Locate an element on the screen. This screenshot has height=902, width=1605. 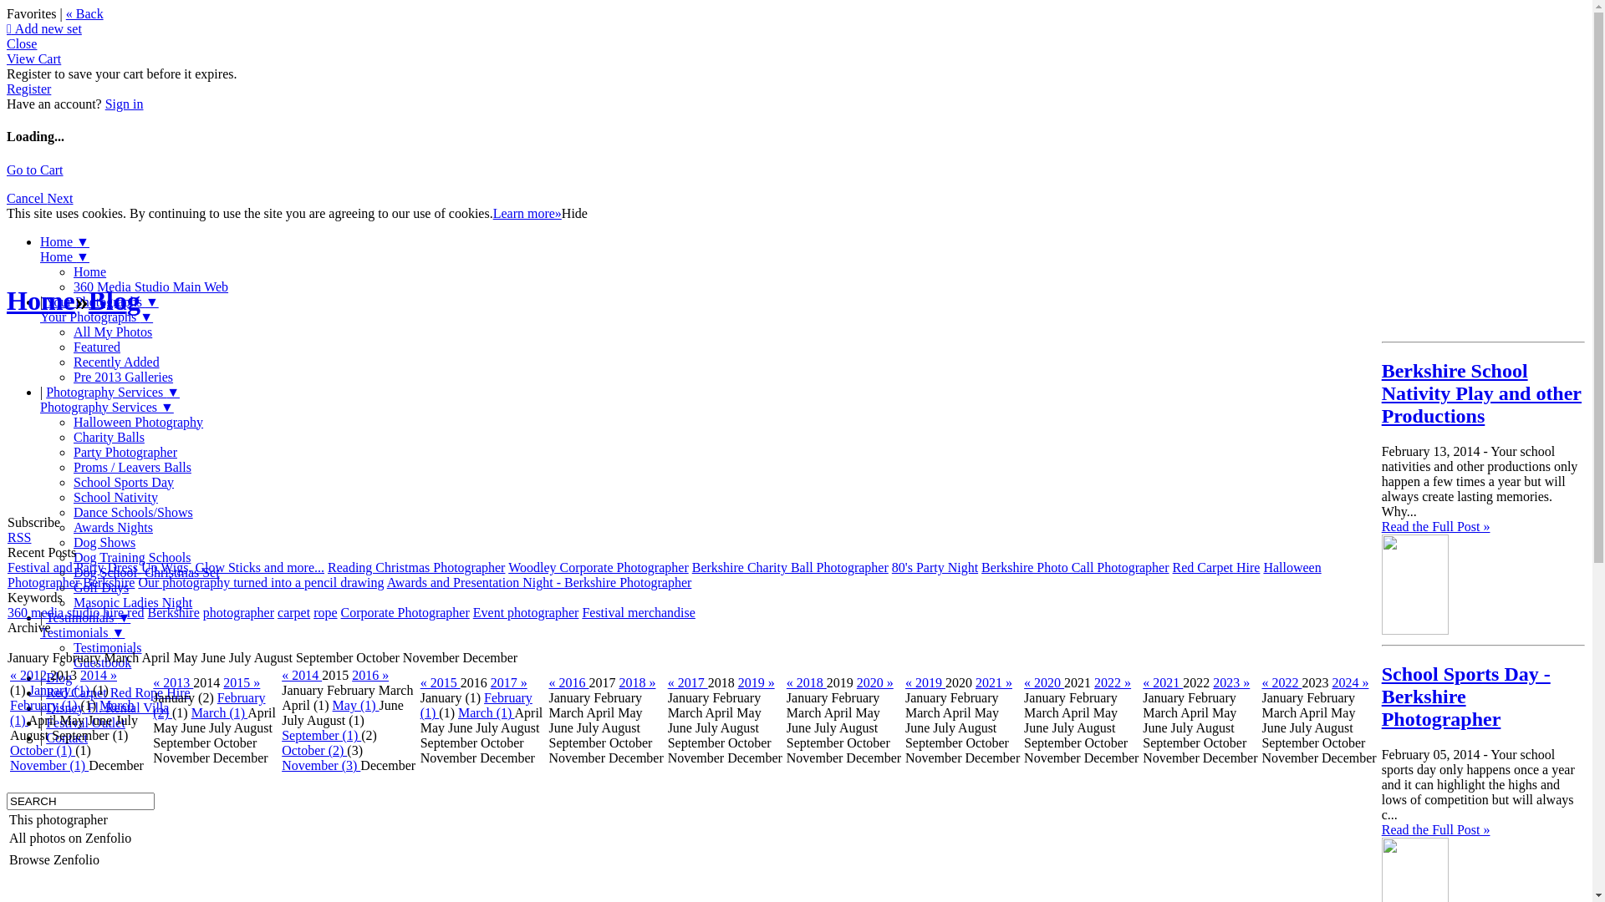
'Featured' is located at coordinates (95, 346).